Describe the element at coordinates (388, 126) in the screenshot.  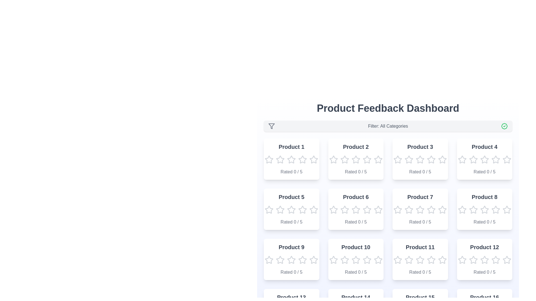
I see `the filter label to display the current filter settings` at that location.